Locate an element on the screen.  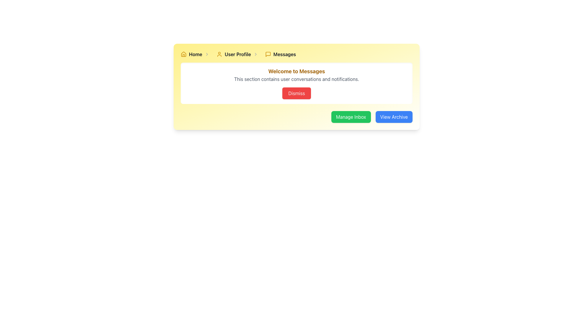
the green rectangular button labeled 'Manage Inbox' is located at coordinates (351, 117).